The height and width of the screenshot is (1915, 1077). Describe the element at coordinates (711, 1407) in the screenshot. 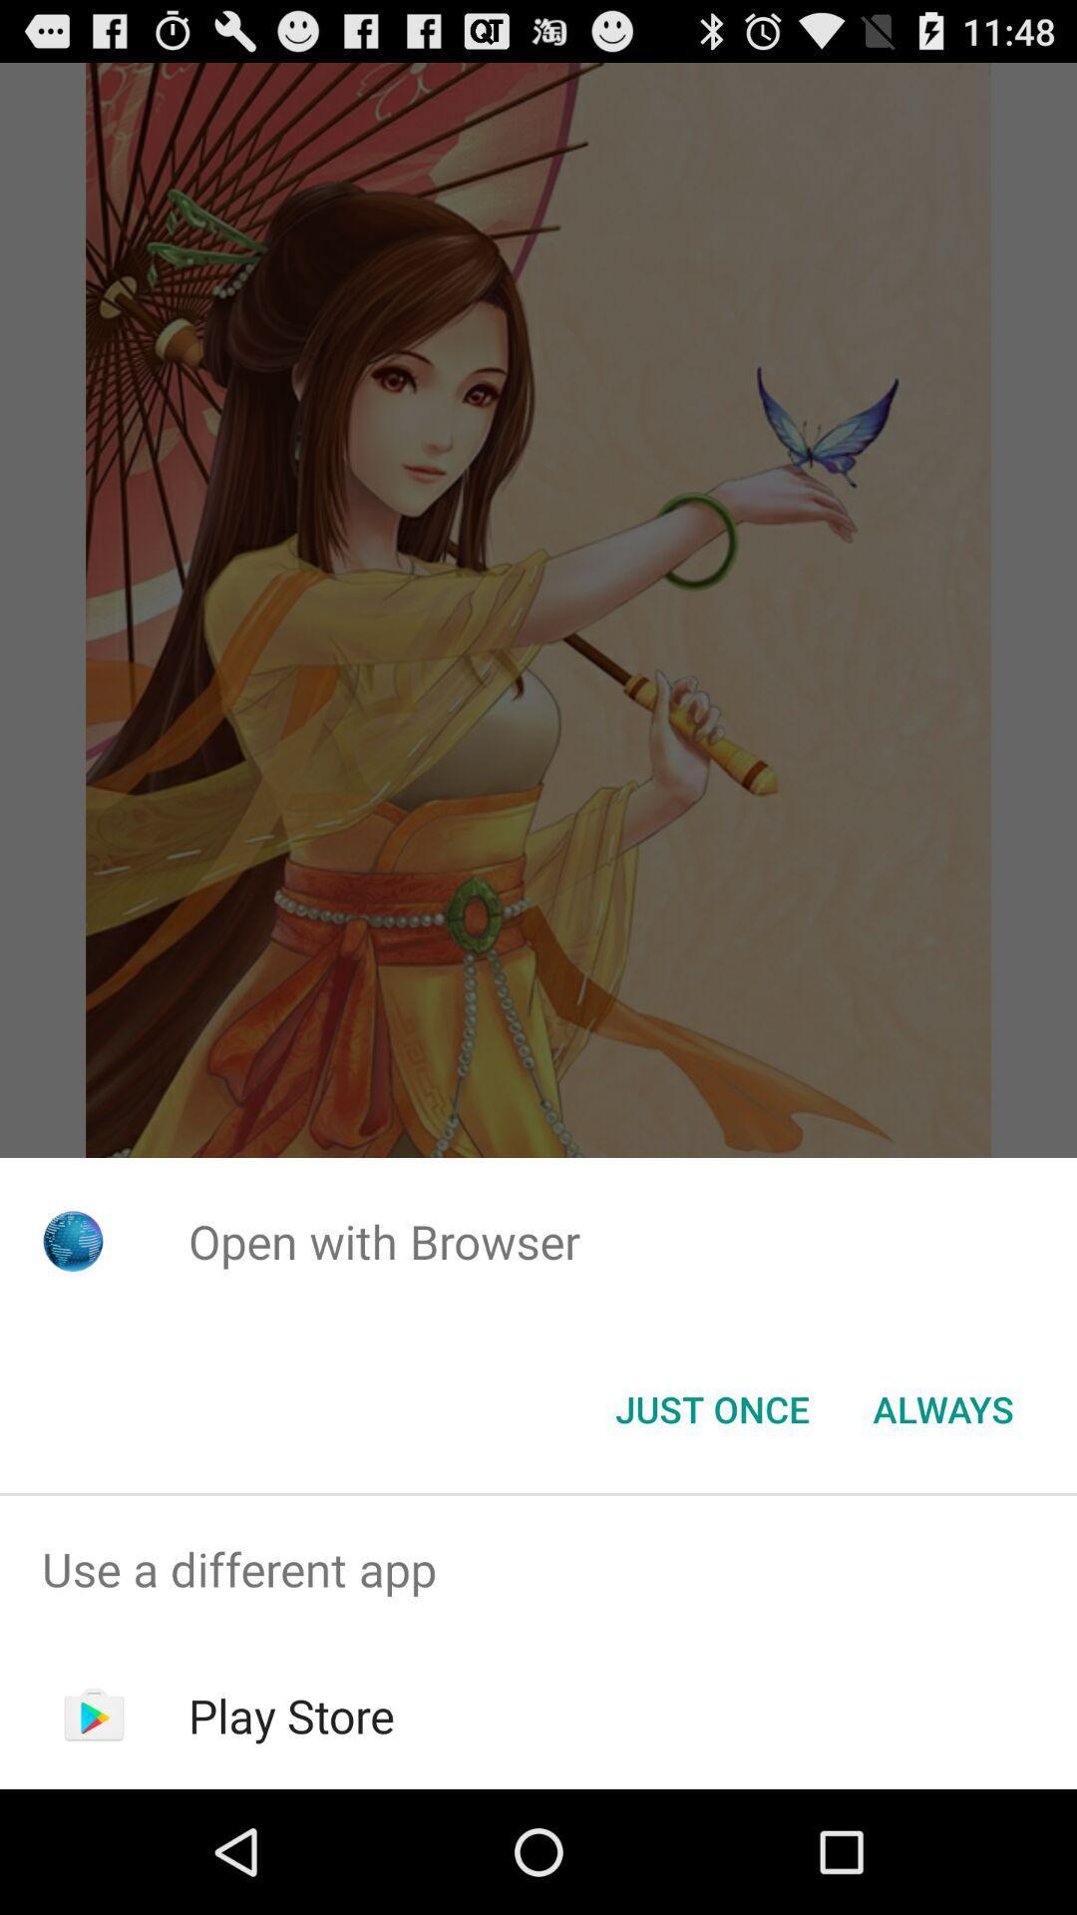

I see `just once button` at that location.